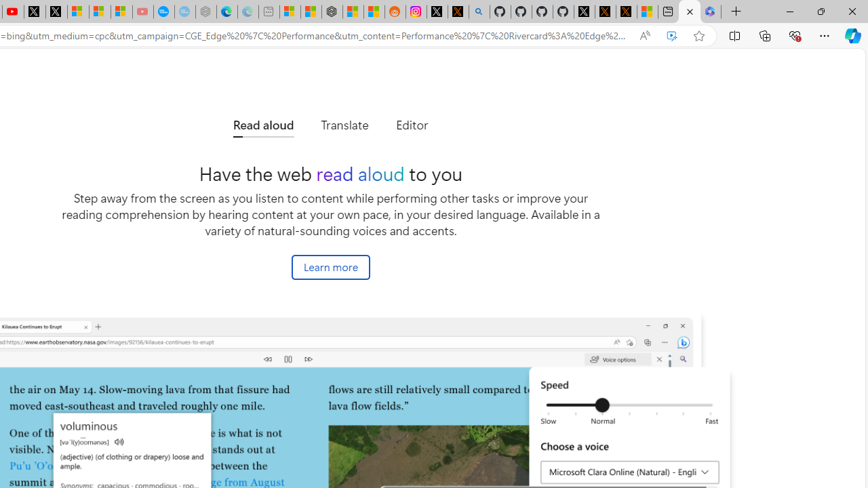  I want to click on 'Nordace - Duffels', so click(332, 12).